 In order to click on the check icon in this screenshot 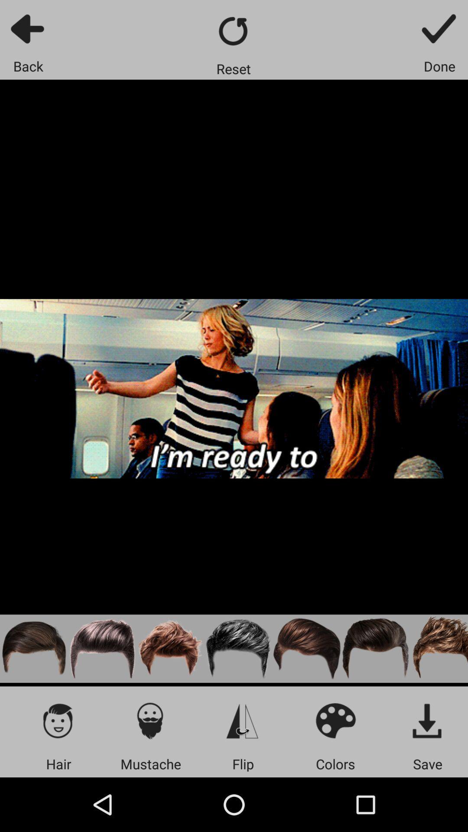, I will do `click(439, 28)`.